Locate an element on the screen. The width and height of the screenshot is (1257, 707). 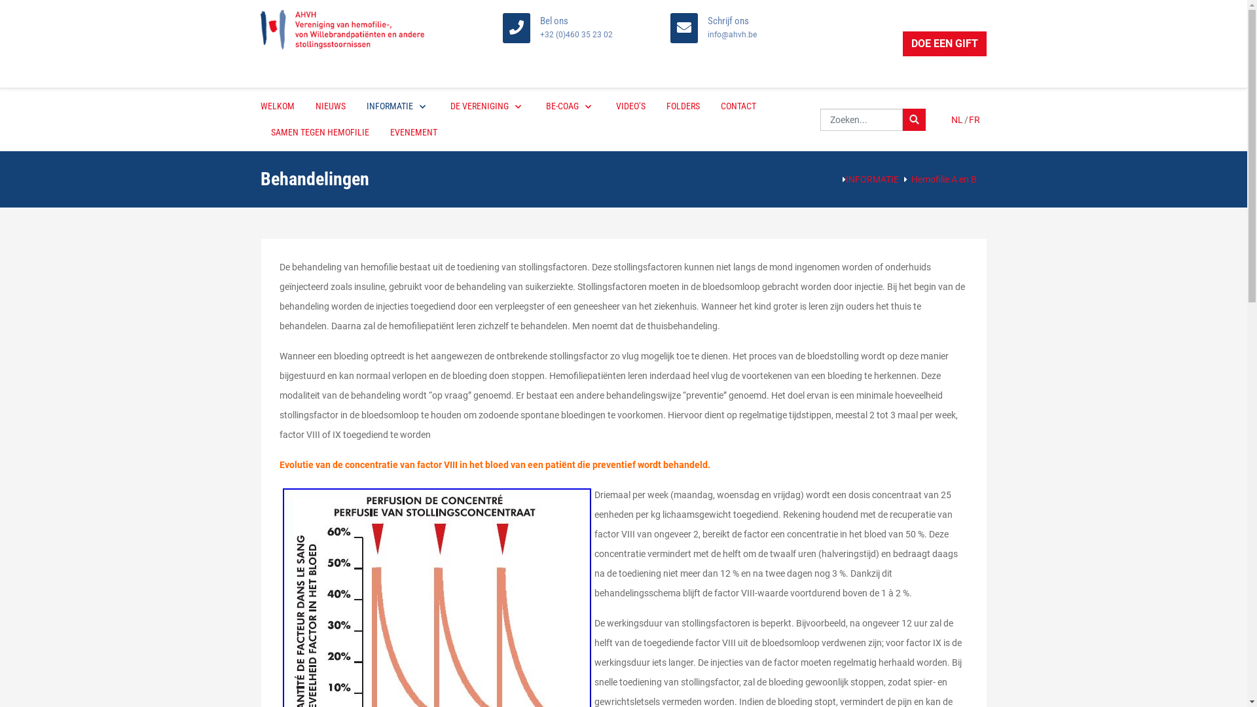
'FOLDERS' is located at coordinates (682, 105).